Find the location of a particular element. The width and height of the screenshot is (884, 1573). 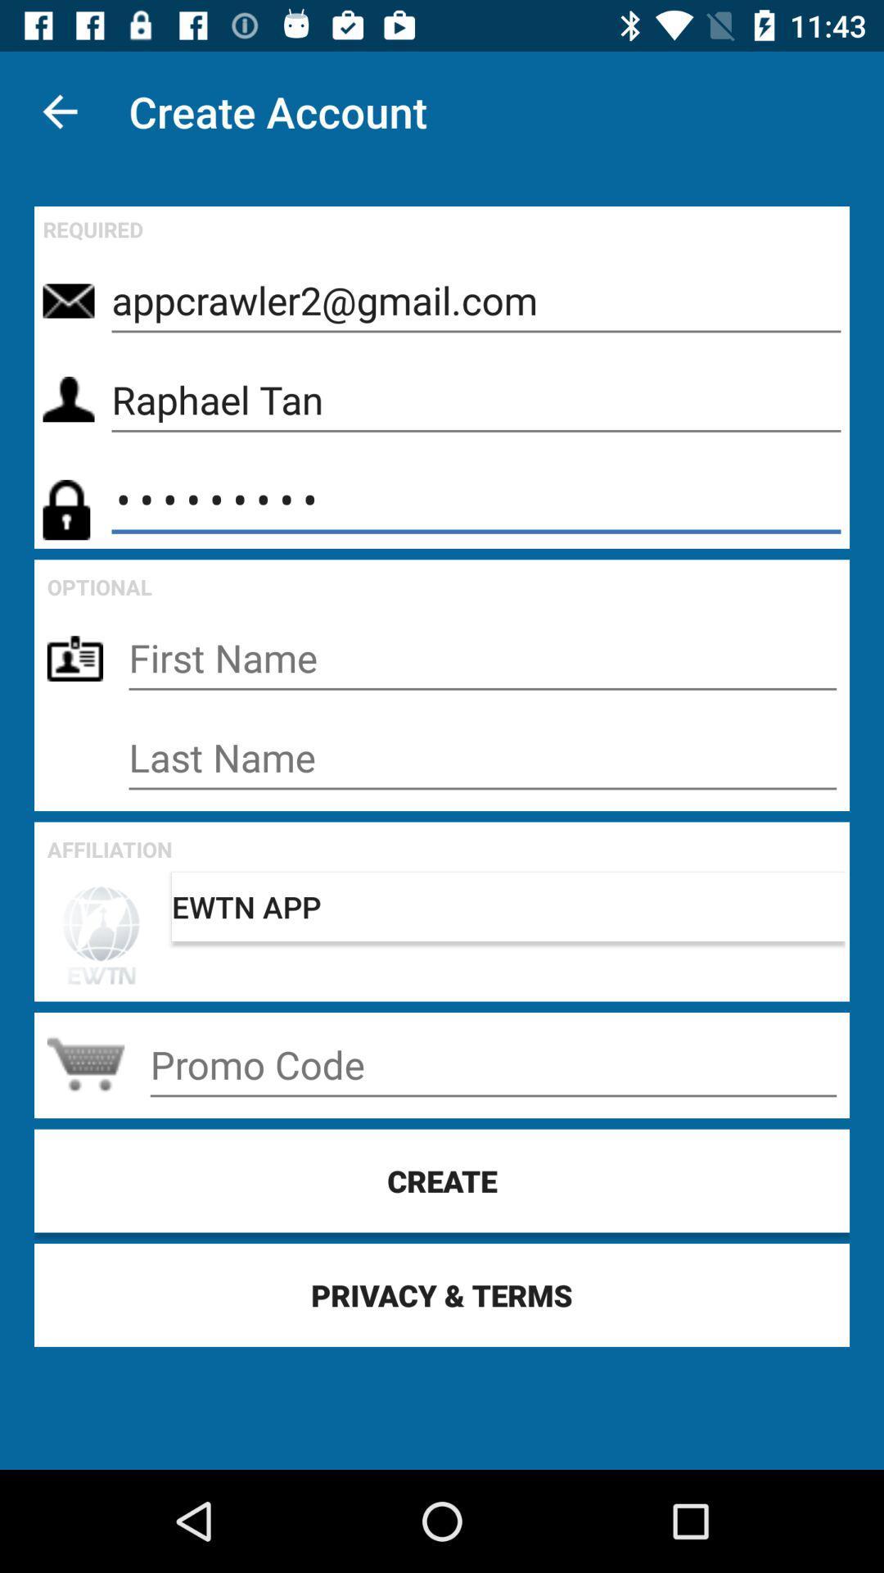

the privacy & terms is located at coordinates (442, 1294).